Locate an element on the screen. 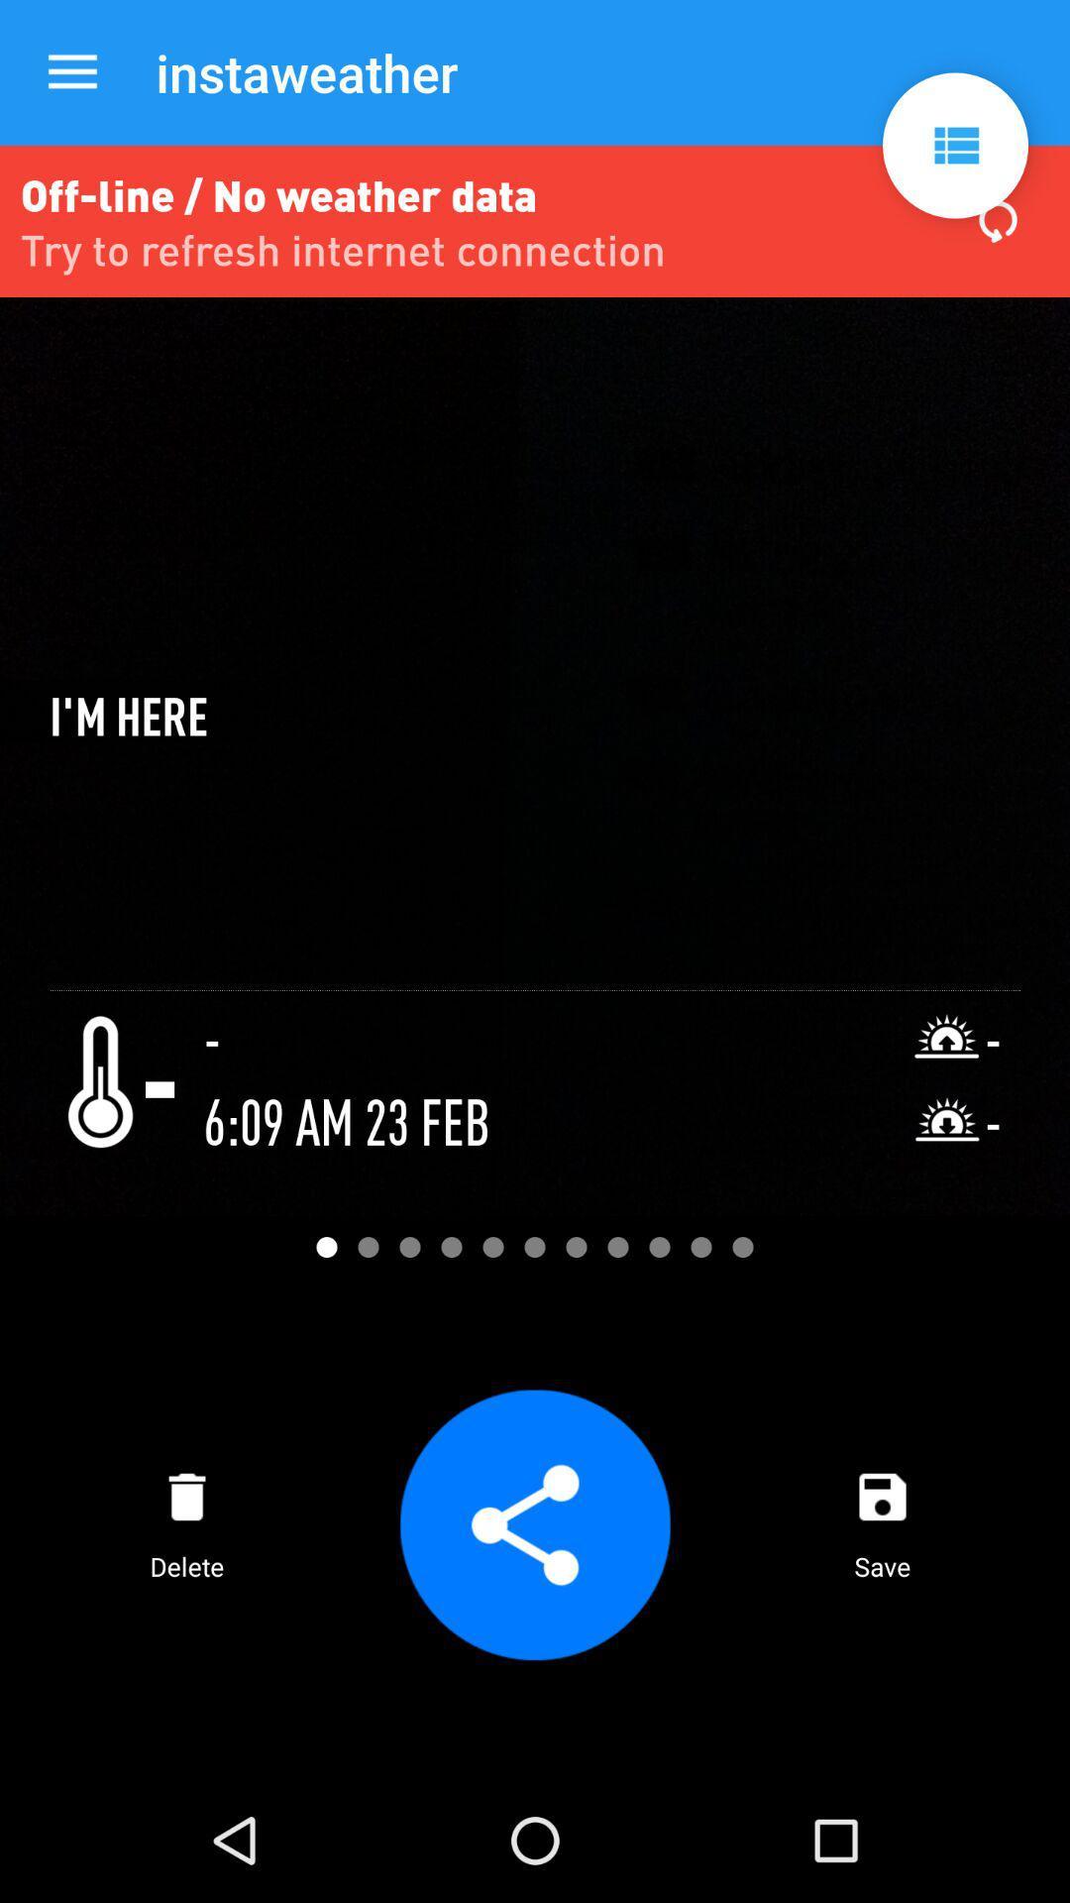  the save is located at coordinates (882, 1523).